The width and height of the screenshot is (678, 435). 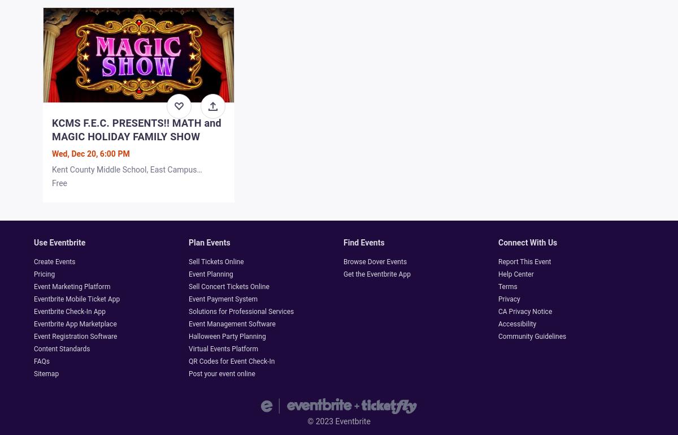 I want to click on 'CA Privacy Notice', so click(x=498, y=311).